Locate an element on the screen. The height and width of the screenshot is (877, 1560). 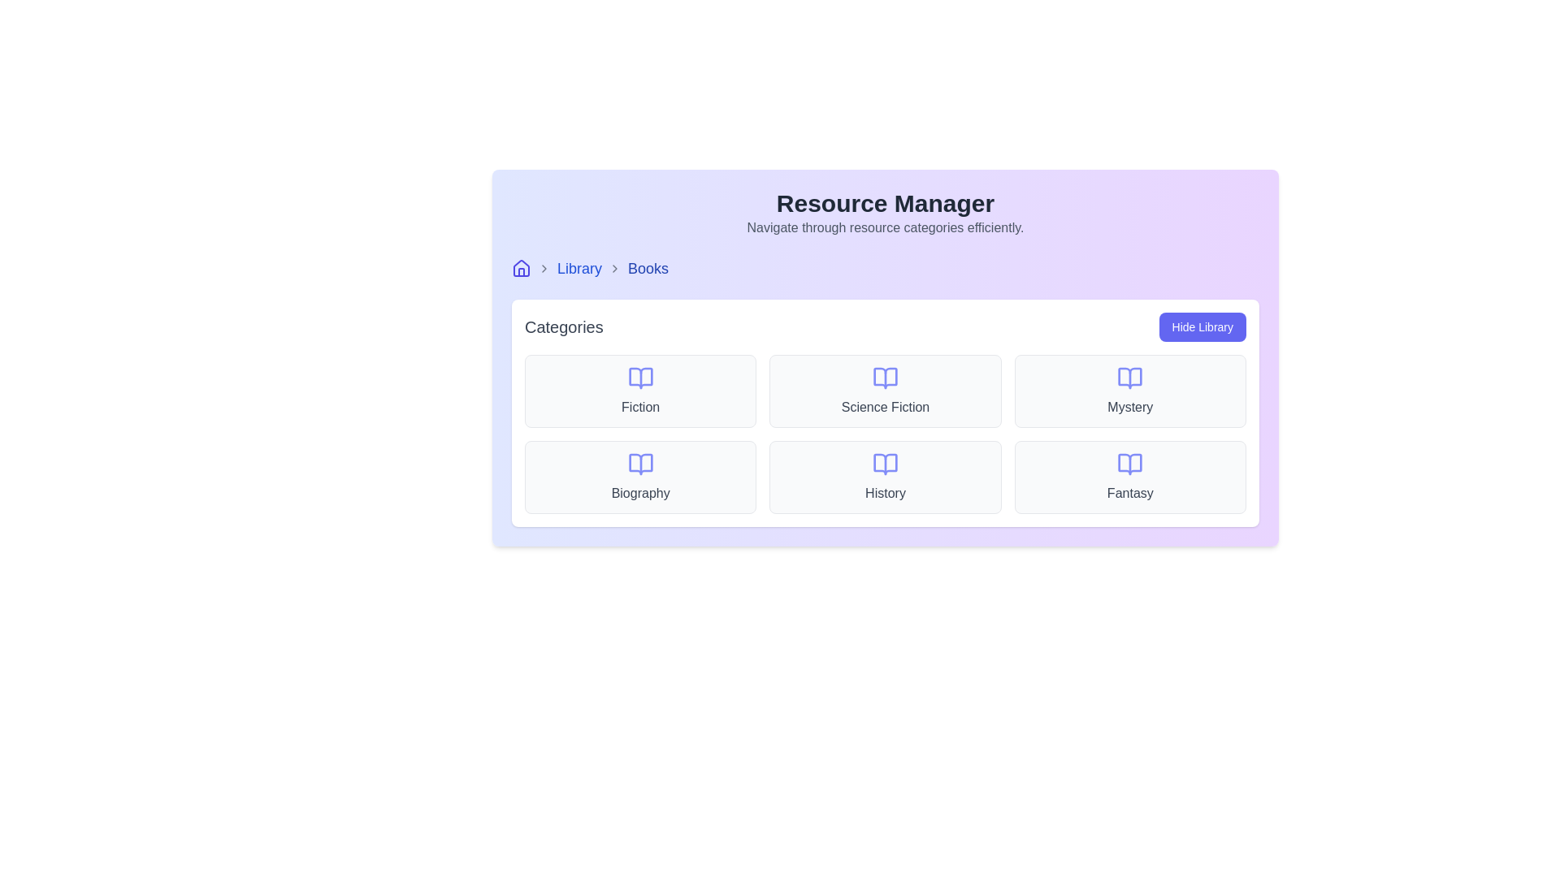
the 'Fantasy' text label, which is styled with a gray font color and medium weight, located in the bottom-right corner of the category grid within its card structure is located at coordinates (1129, 492).